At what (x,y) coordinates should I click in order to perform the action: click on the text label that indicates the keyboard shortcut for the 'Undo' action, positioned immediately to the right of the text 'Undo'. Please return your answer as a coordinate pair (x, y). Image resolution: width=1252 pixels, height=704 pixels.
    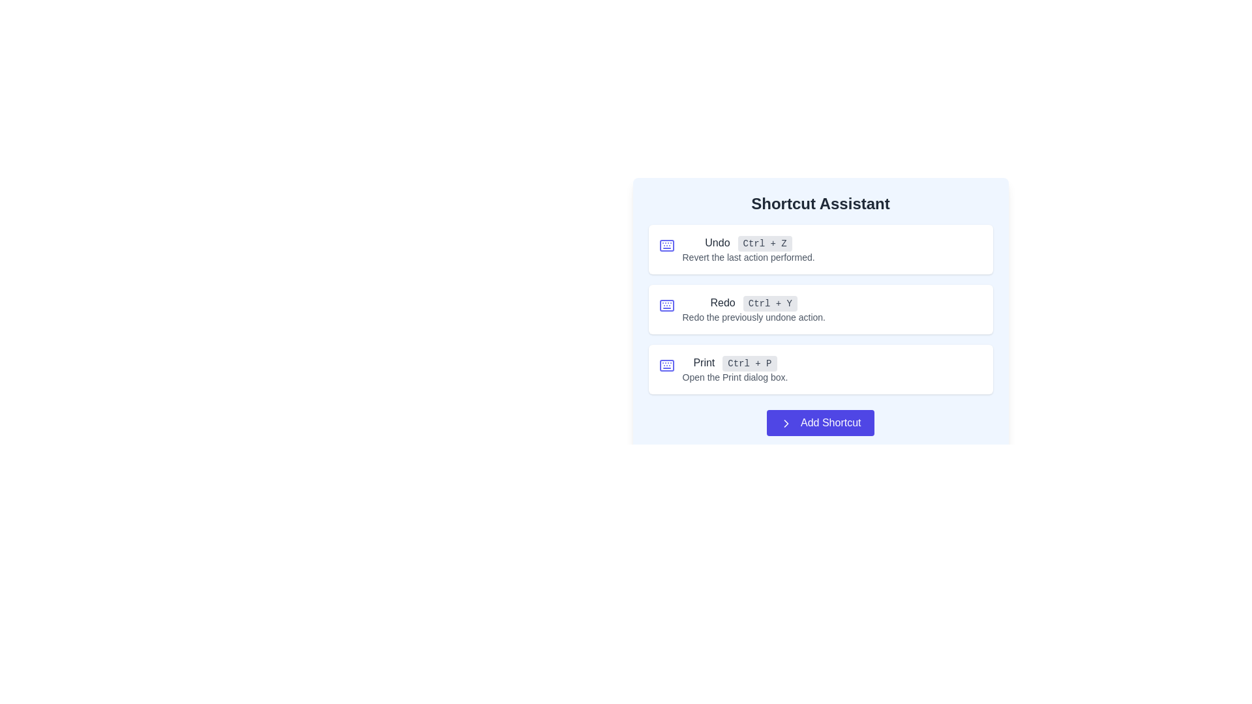
    Looking at the image, I should click on (765, 244).